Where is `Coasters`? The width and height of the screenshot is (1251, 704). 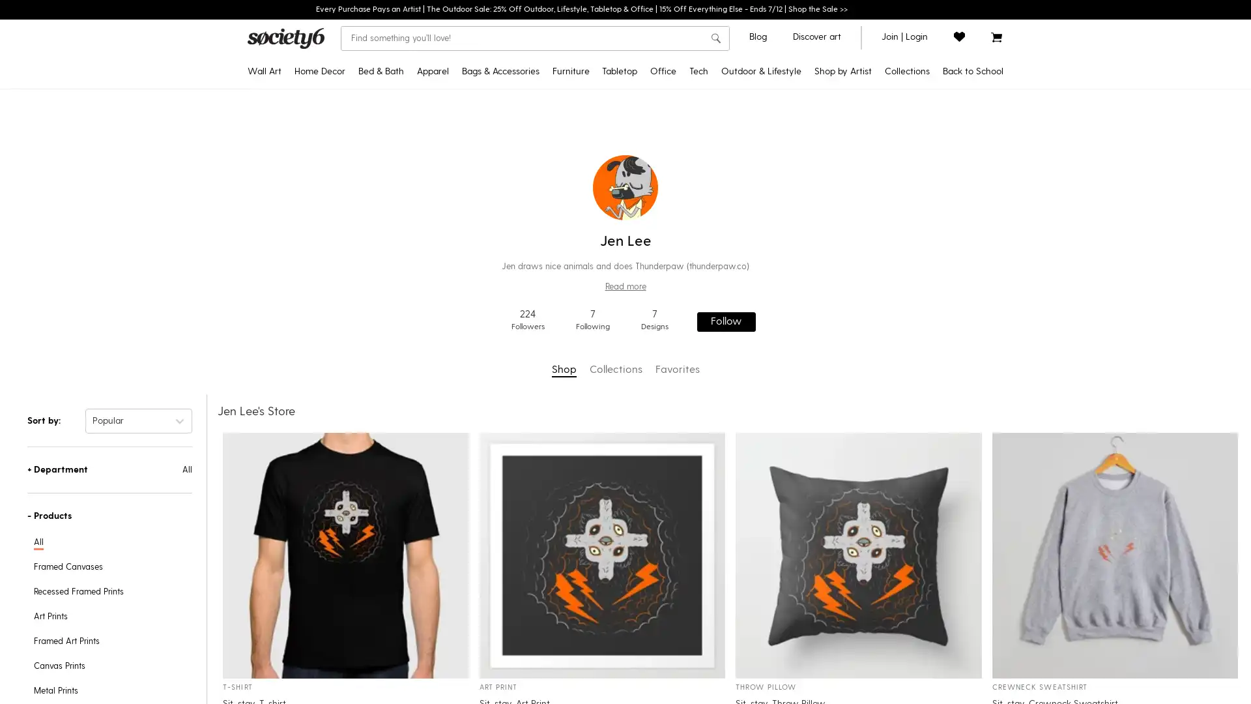 Coasters is located at coordinates (644, 209).